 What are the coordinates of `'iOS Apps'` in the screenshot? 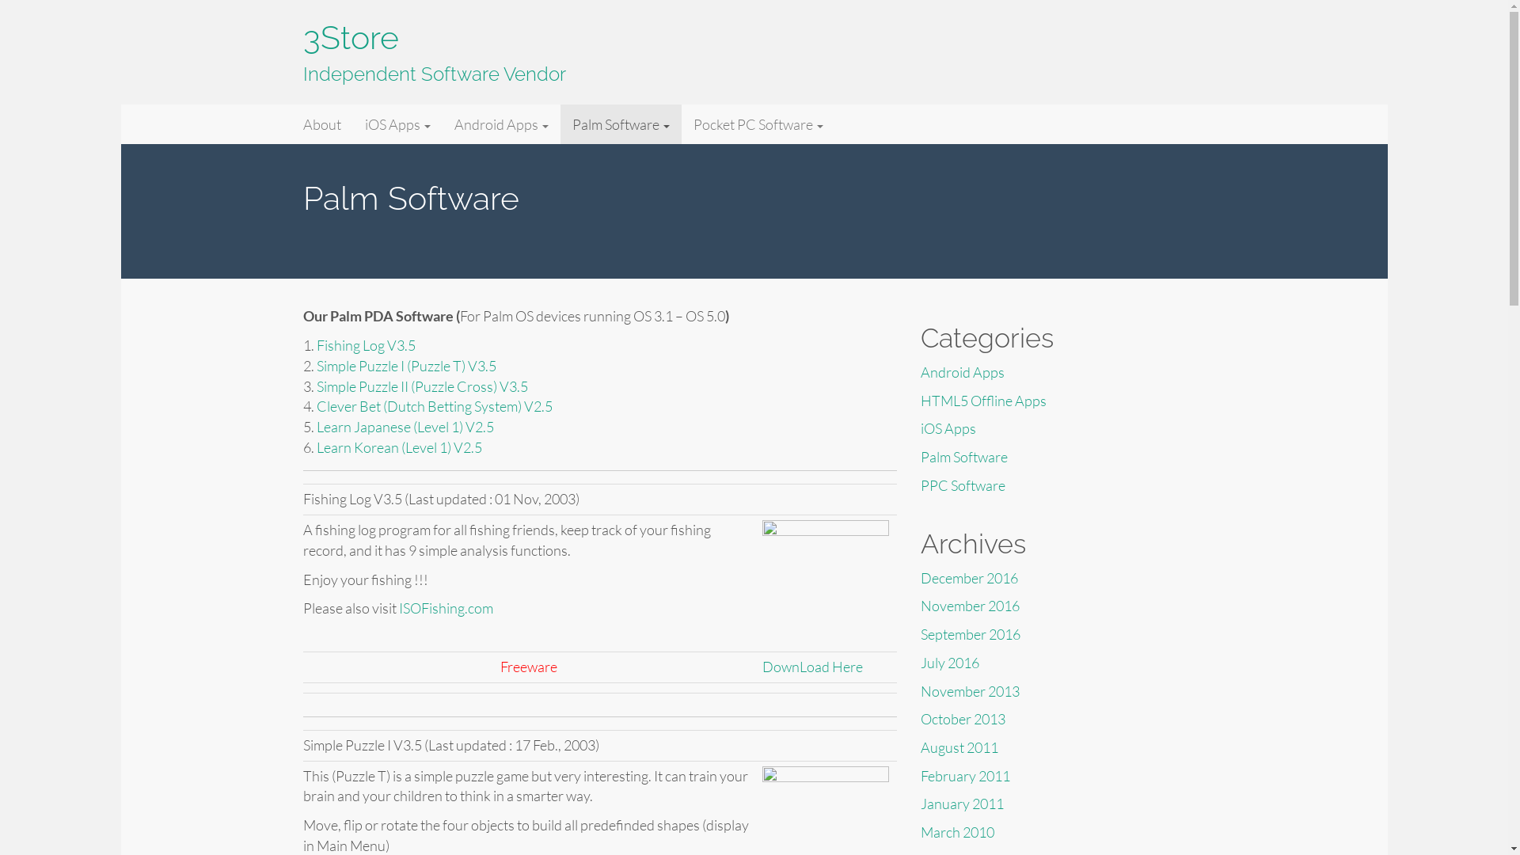 It's located at (947, 427).